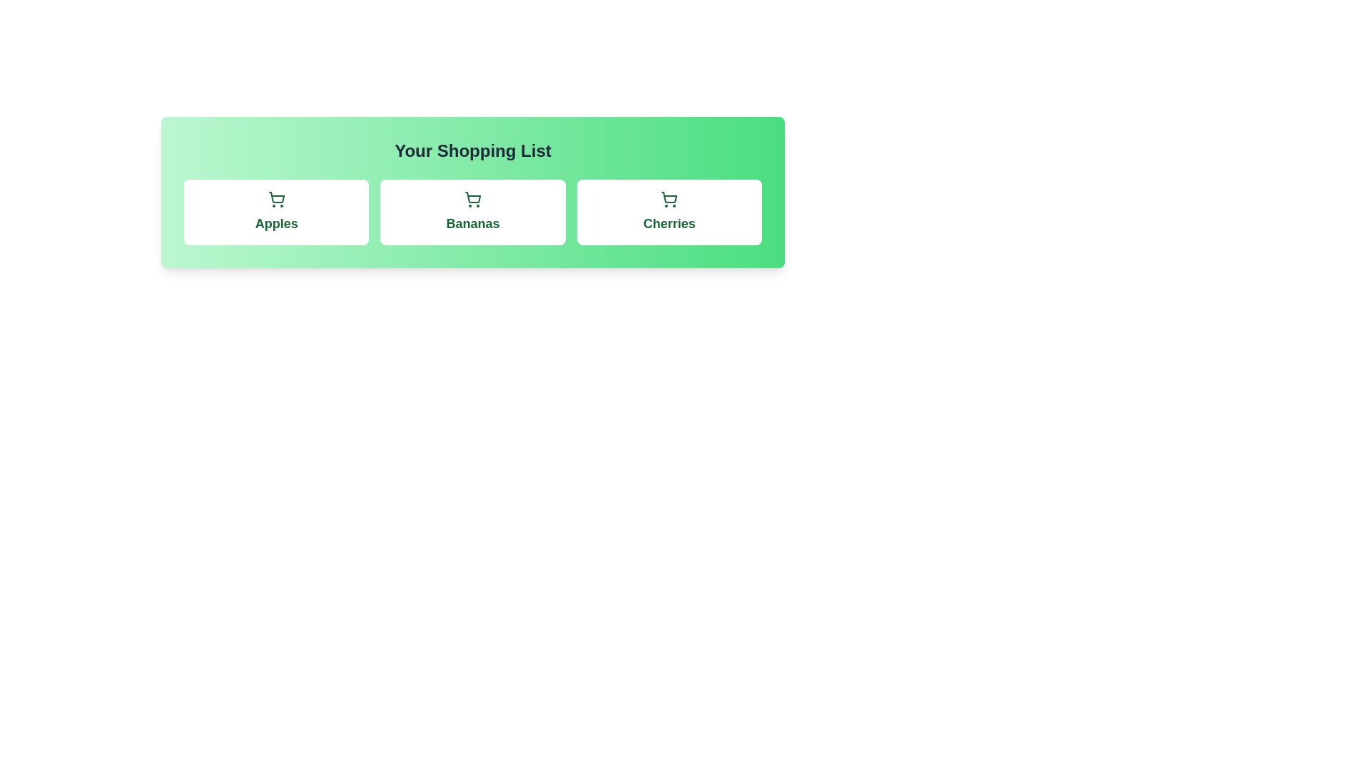 The height and width of the screenshot is (770, 1370). What do you see at coordinates (276, 212) in the screenshot?
I see `the item Apples to observe the hover effect` at bounding box center [276, 212].